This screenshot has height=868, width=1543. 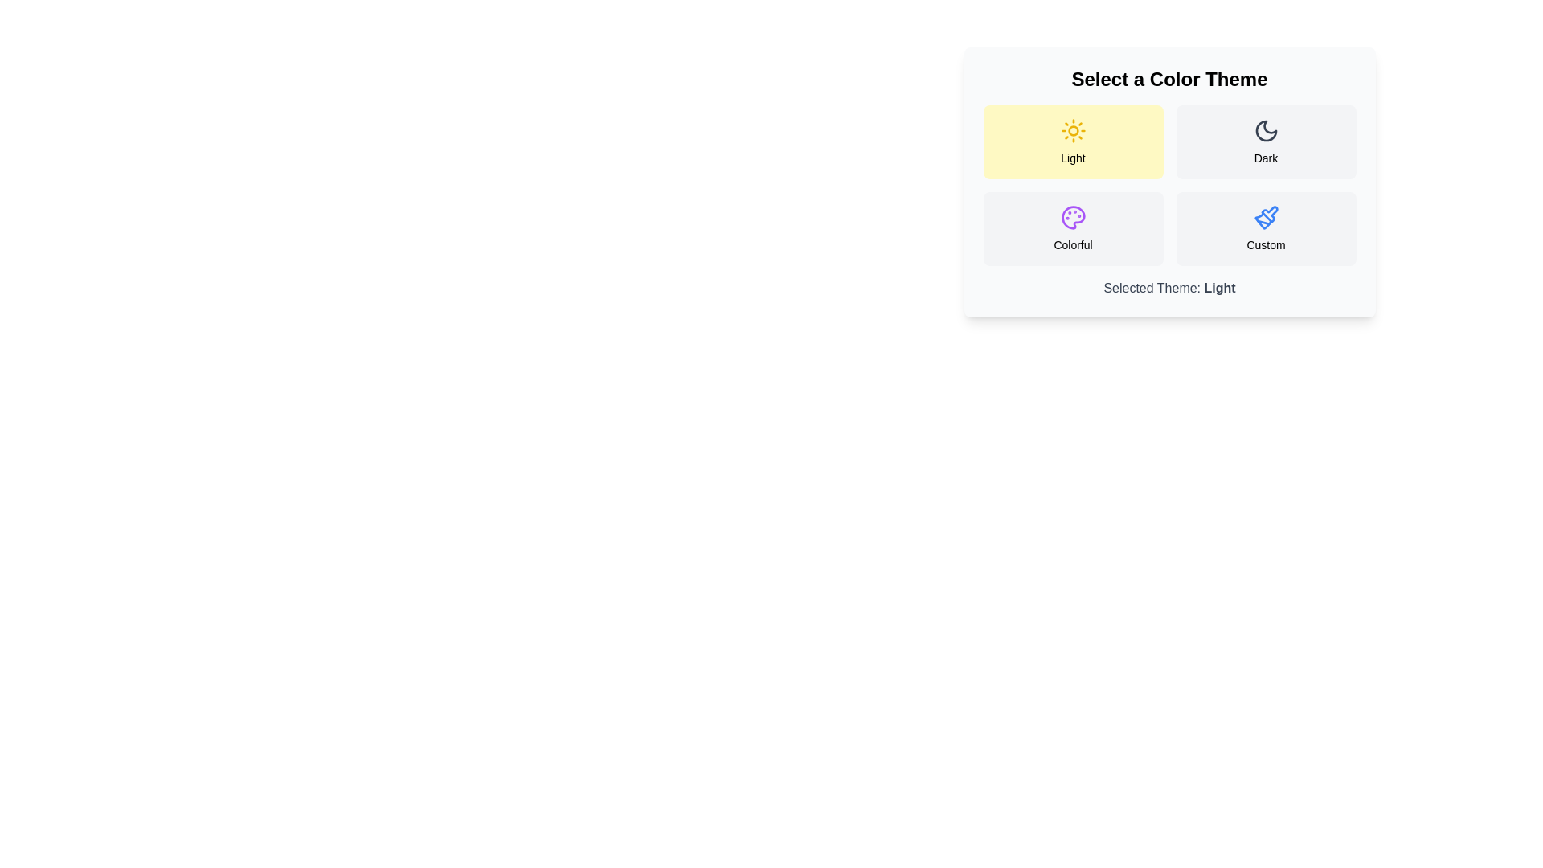 What do you see at coordinates (1073, 141) in the screenshot?
I see `the theme button labeled 'Light' to observe its hover effect` at bounding box center [1073, 141].